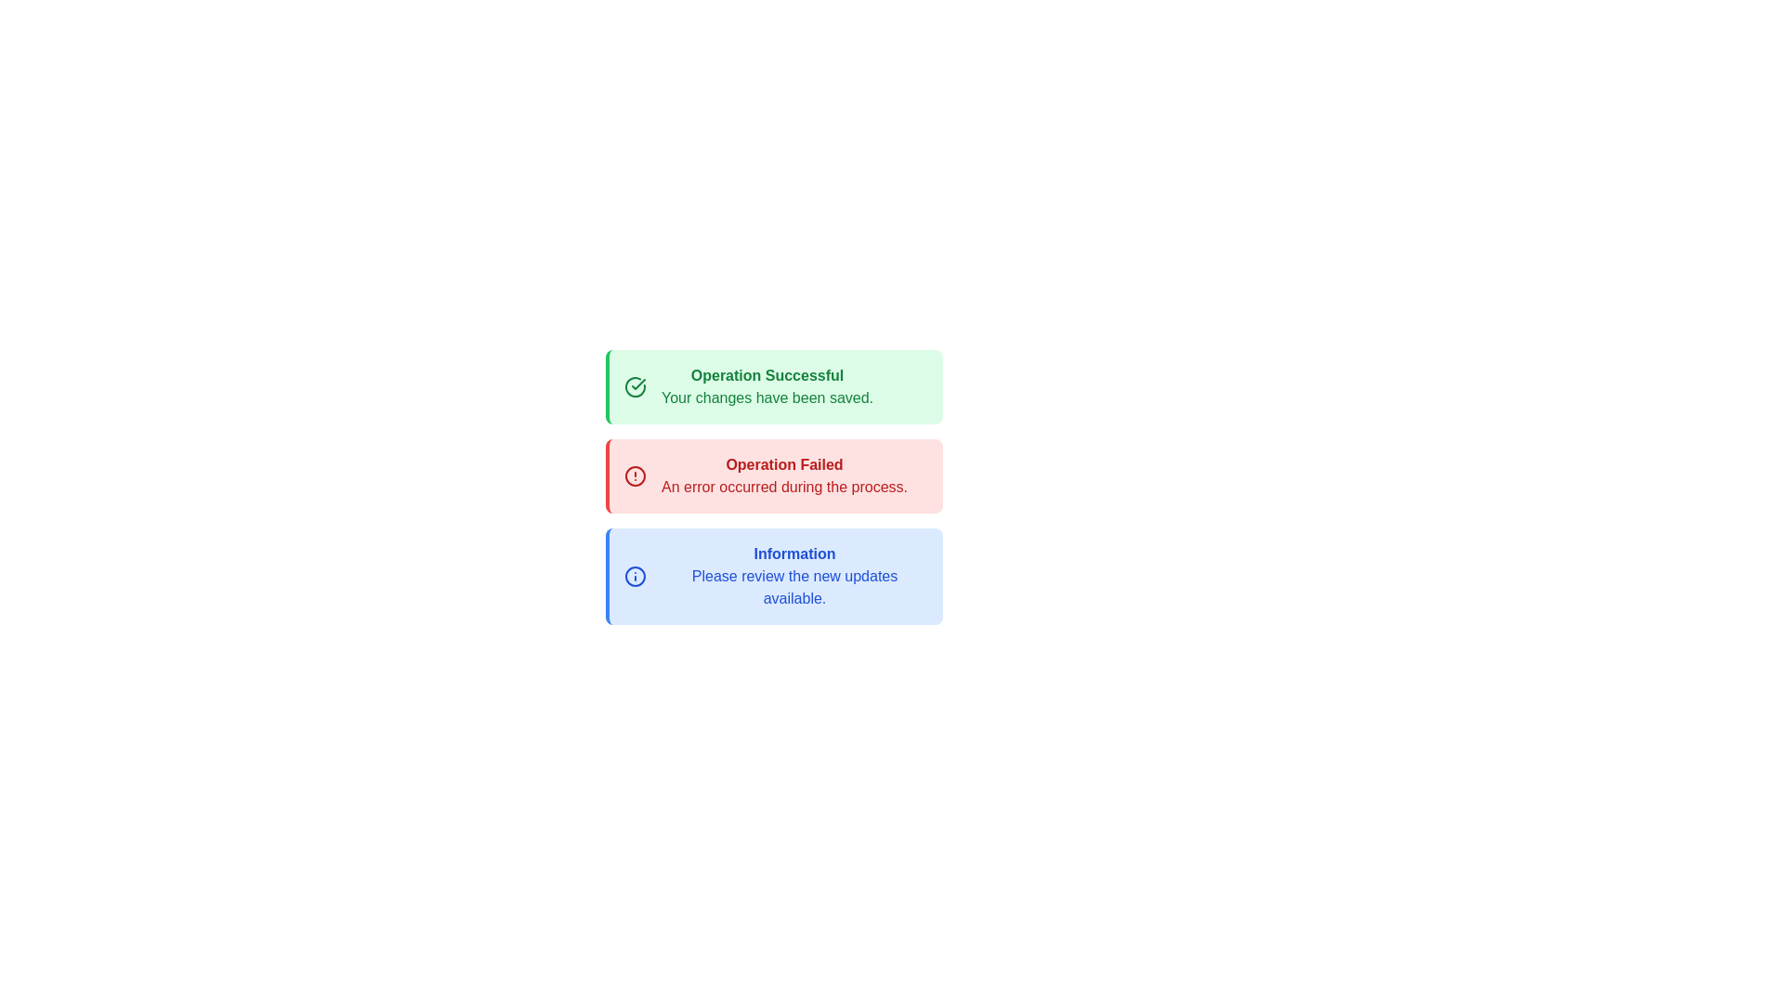  Describe the element at coordinates (636, 385) in the screenshot. I see `the success indicator icon located within the topmost notification card, to the left of the 'Operation Successful' message` at that location.